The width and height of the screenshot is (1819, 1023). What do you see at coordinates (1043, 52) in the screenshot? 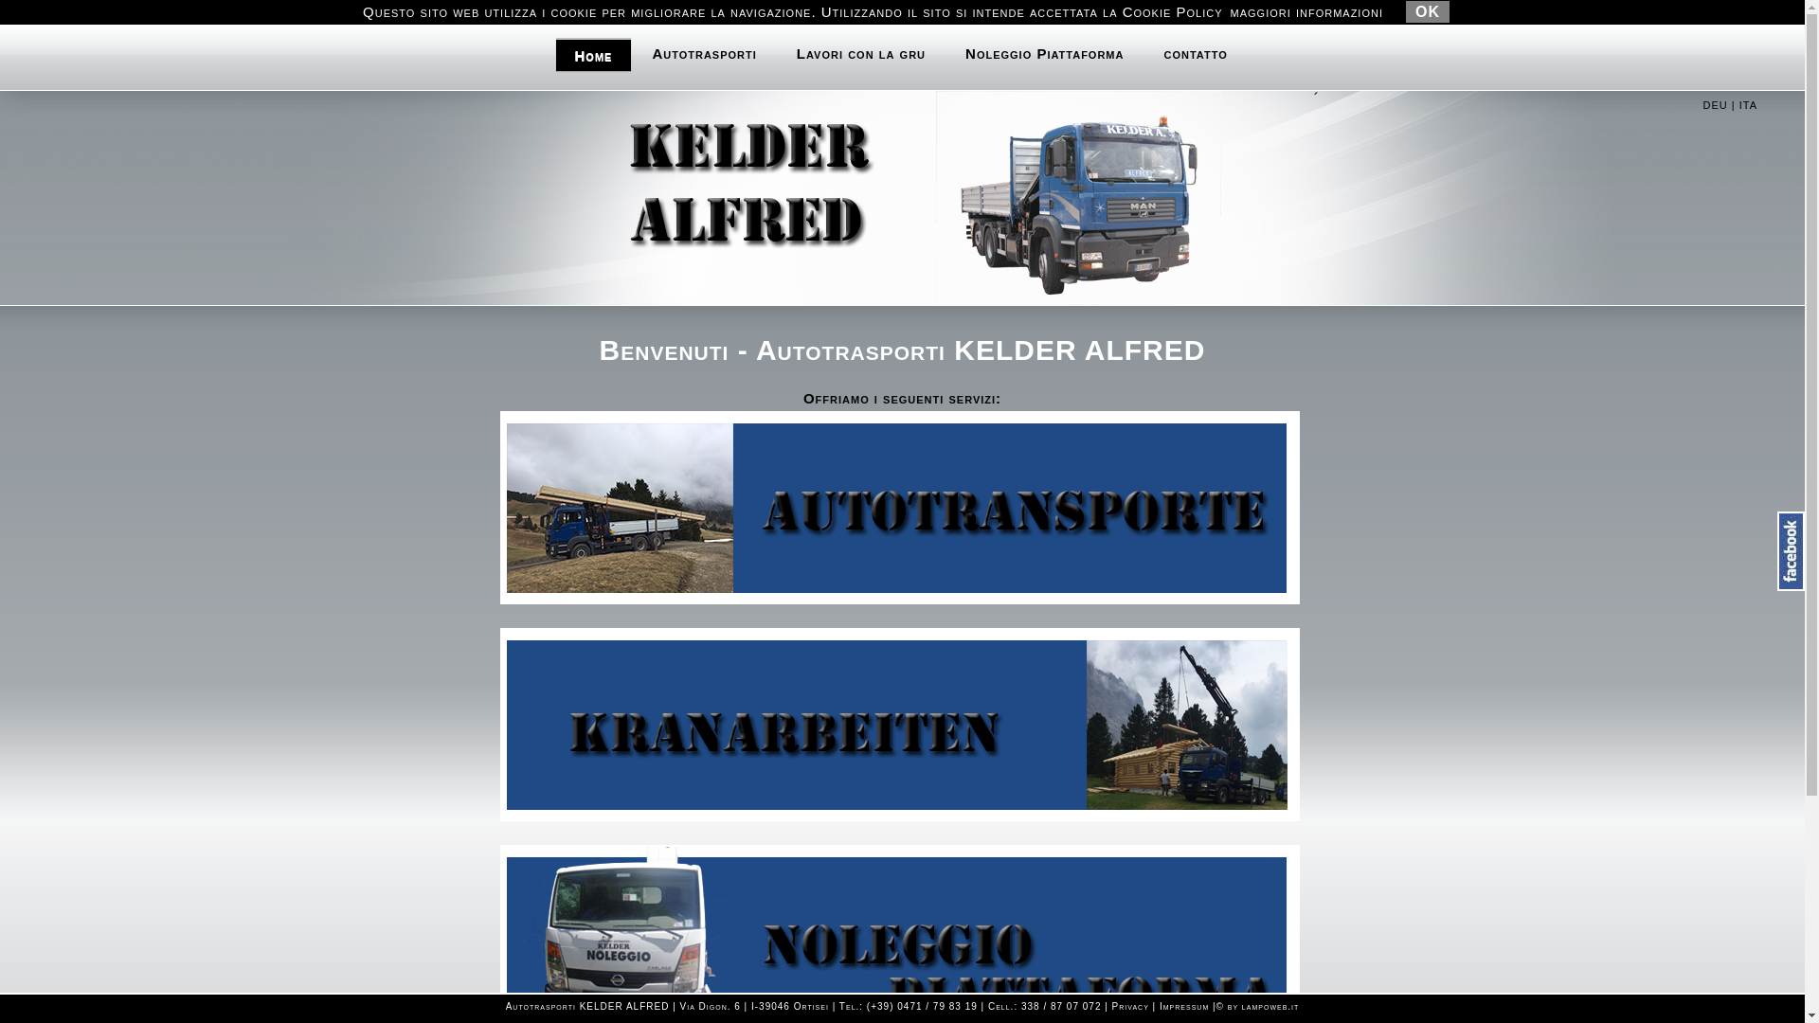
I see `'Noleggio Piattaforma'` at bounding box center [1043, 52].